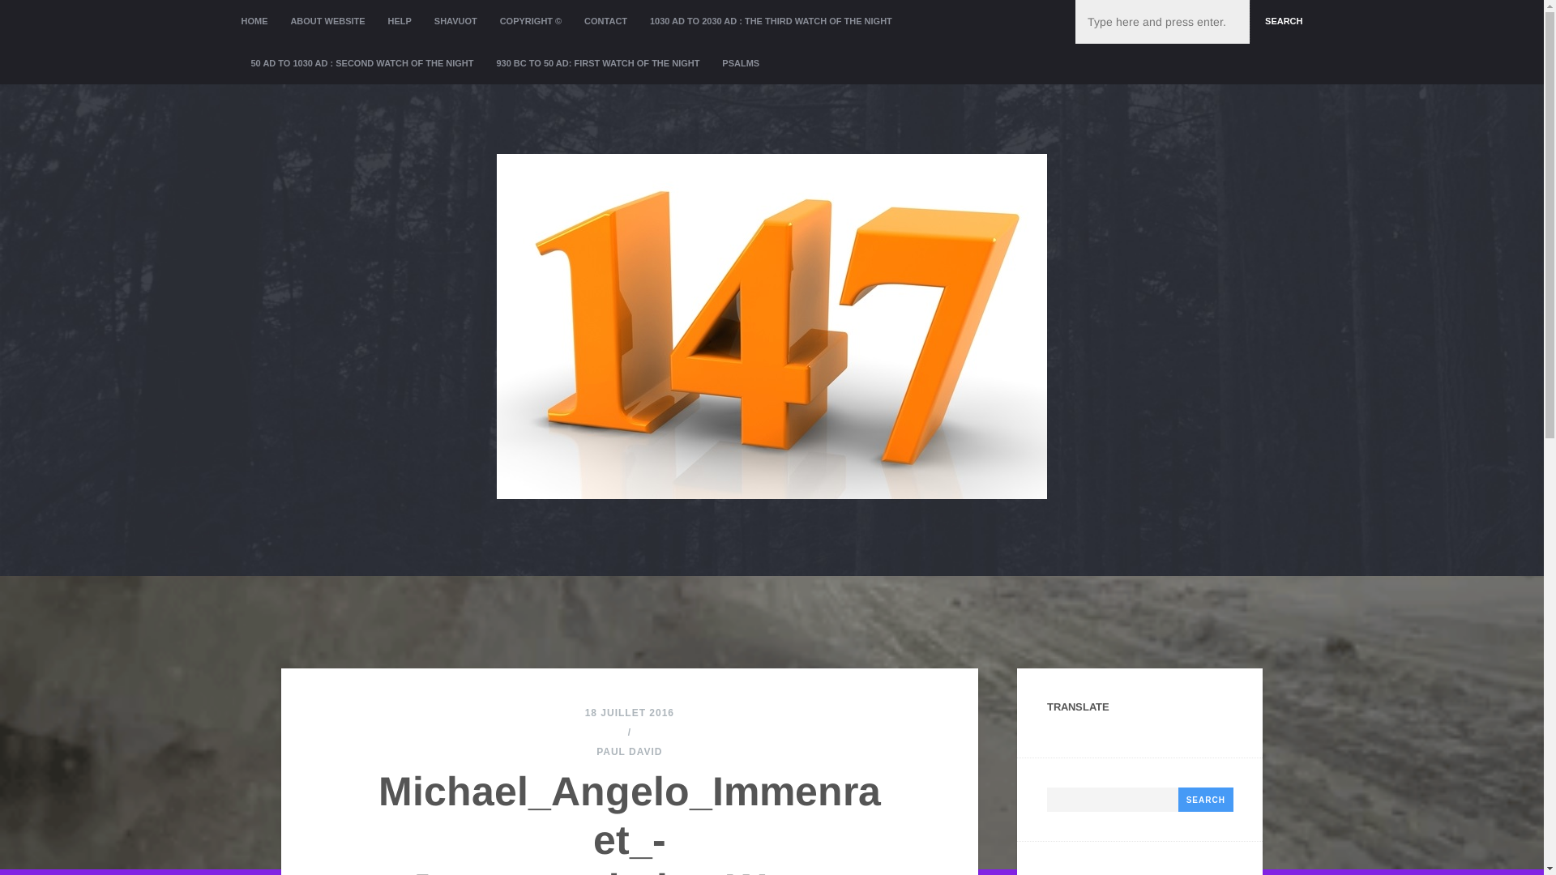  I want to click on 'HOME', so click(259, 21).